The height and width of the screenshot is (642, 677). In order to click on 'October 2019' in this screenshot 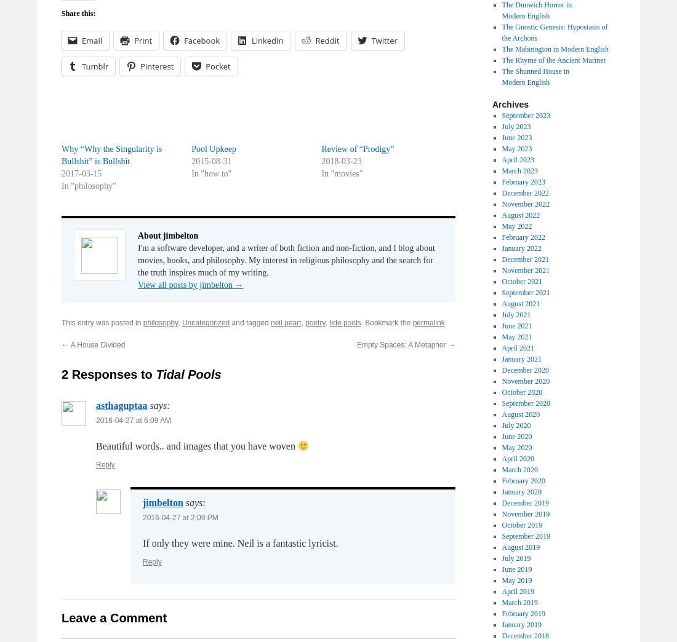, I will do `click(501, 525)`.